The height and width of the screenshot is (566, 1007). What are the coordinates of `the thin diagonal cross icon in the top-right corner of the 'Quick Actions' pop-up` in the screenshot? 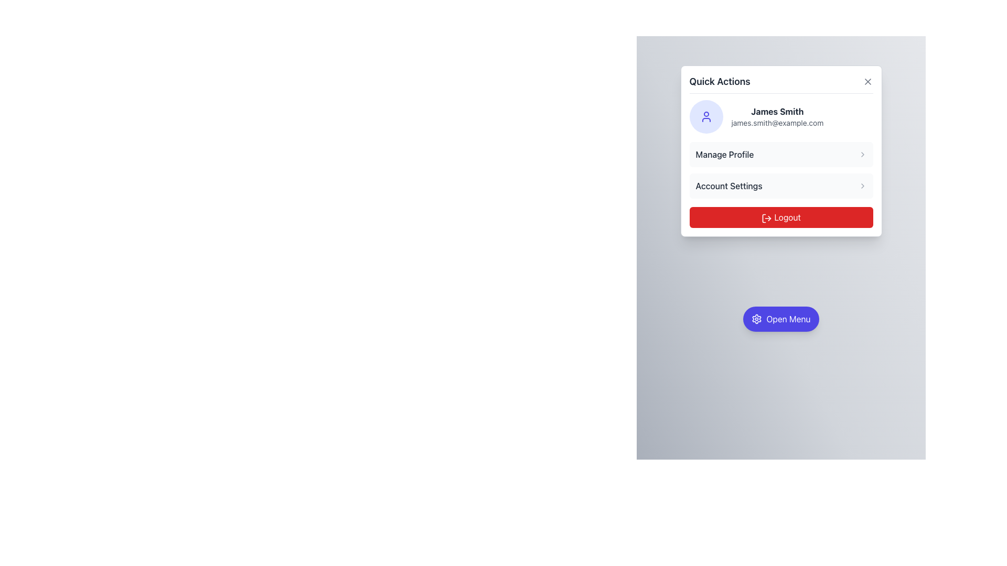 It's located at (867, 81).